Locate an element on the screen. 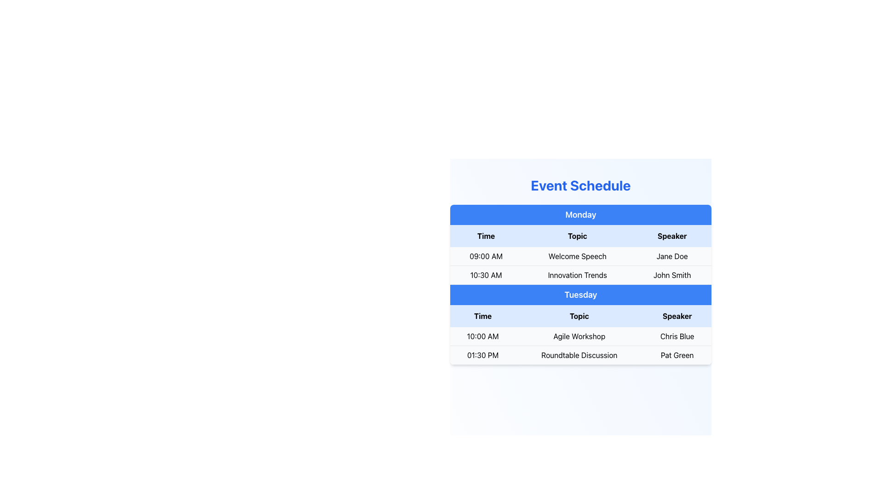 The width and height of the screenshot is (883, 497). the 'Speaker' text field, which is a bold, black font centered within a light blue rectangular background in the third column header of the table is located at coordinates (672, 236).